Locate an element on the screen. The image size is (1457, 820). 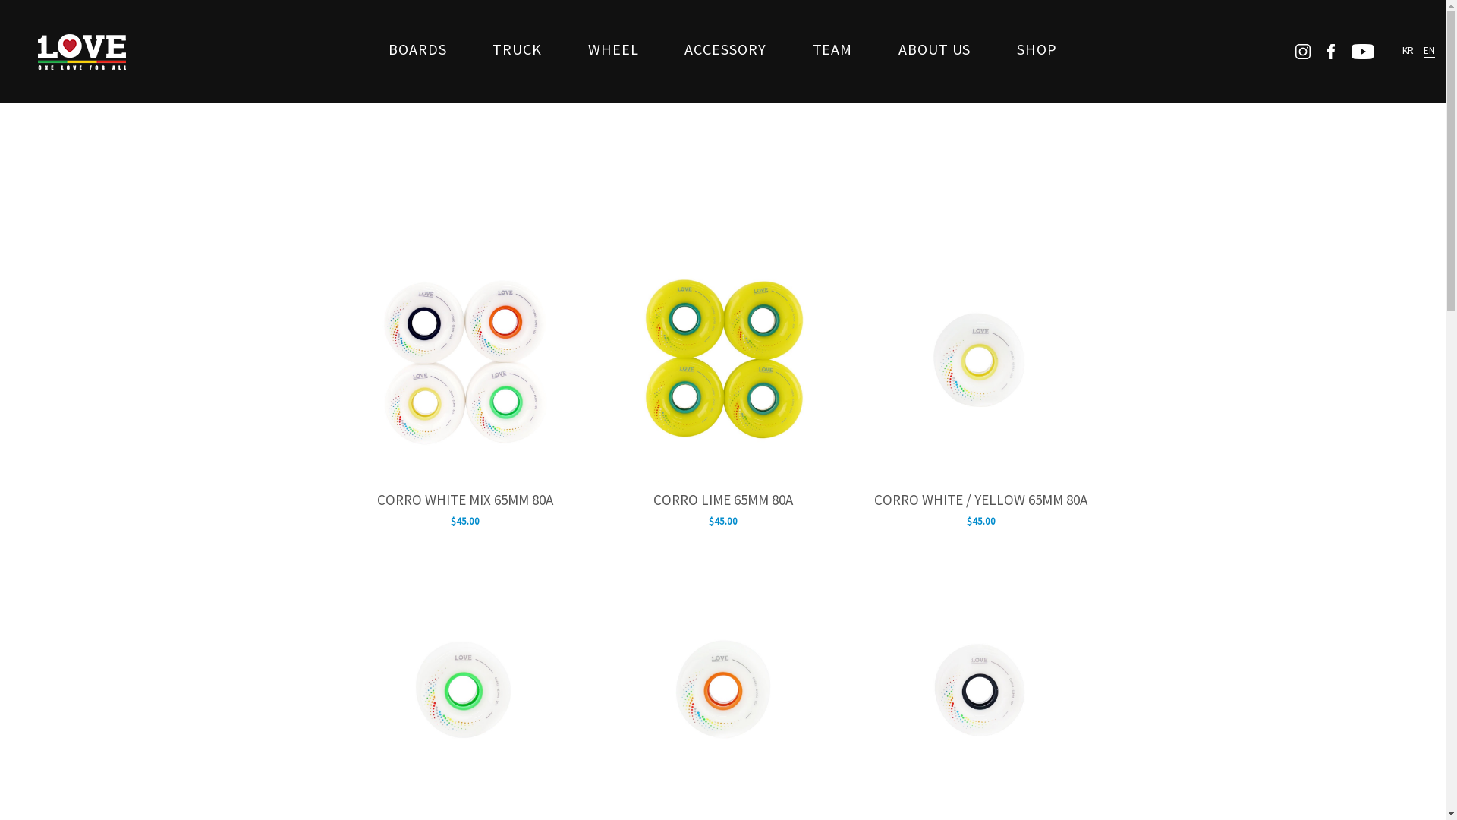
'ACCESSORY' is located at coordinates (724, 49).